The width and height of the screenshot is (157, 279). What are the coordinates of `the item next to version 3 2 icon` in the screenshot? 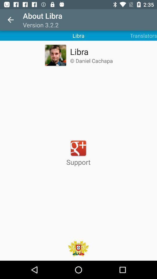 It's located at (10, 20).